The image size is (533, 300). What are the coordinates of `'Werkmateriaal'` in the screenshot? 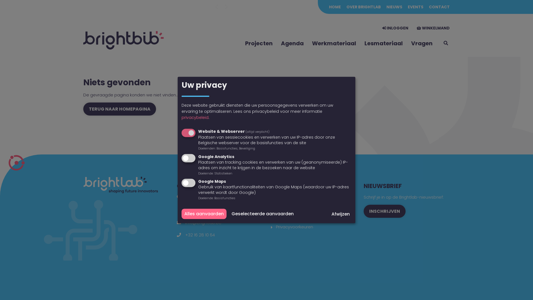 It's located at (334, 43).